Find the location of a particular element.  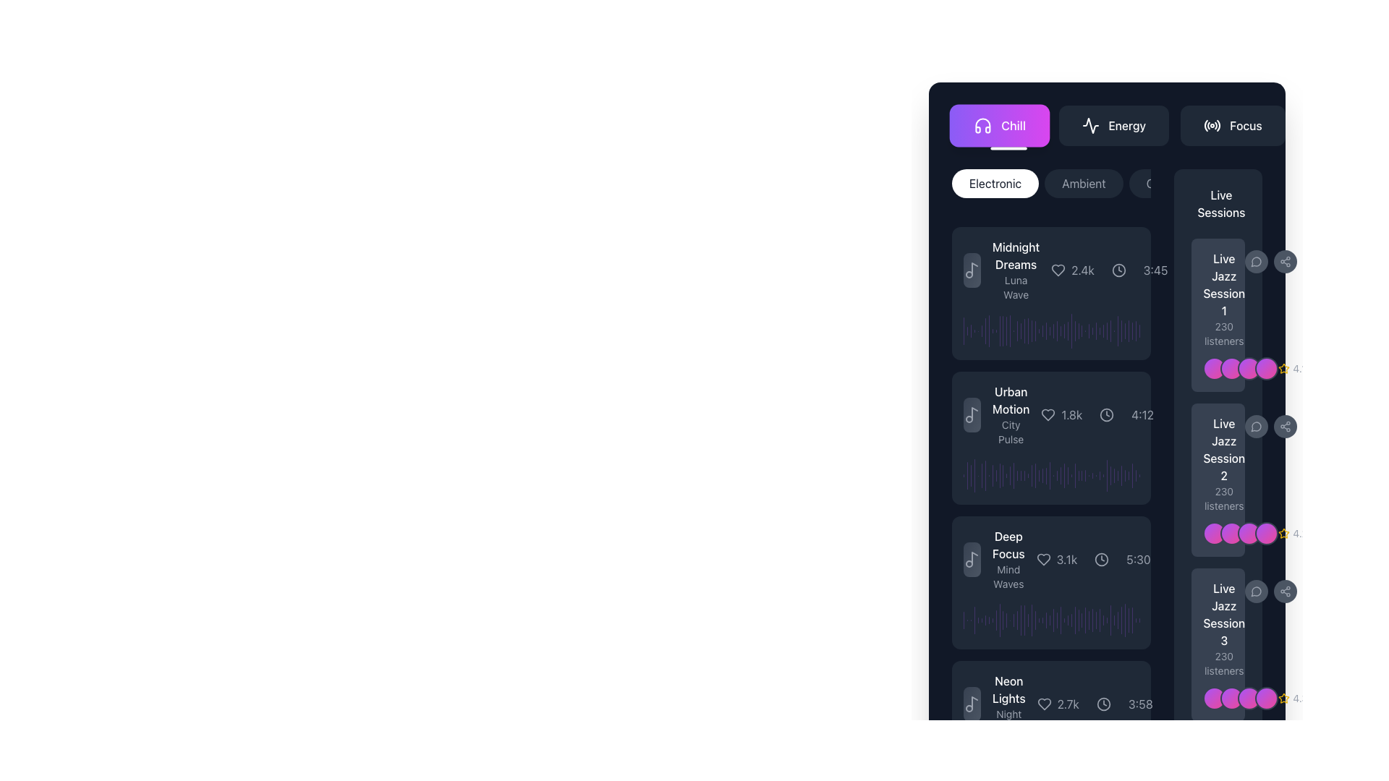

the 31st vertical purple bar in the bar chart that visually represents a quantitative value is located at coordinates (1110, 764).